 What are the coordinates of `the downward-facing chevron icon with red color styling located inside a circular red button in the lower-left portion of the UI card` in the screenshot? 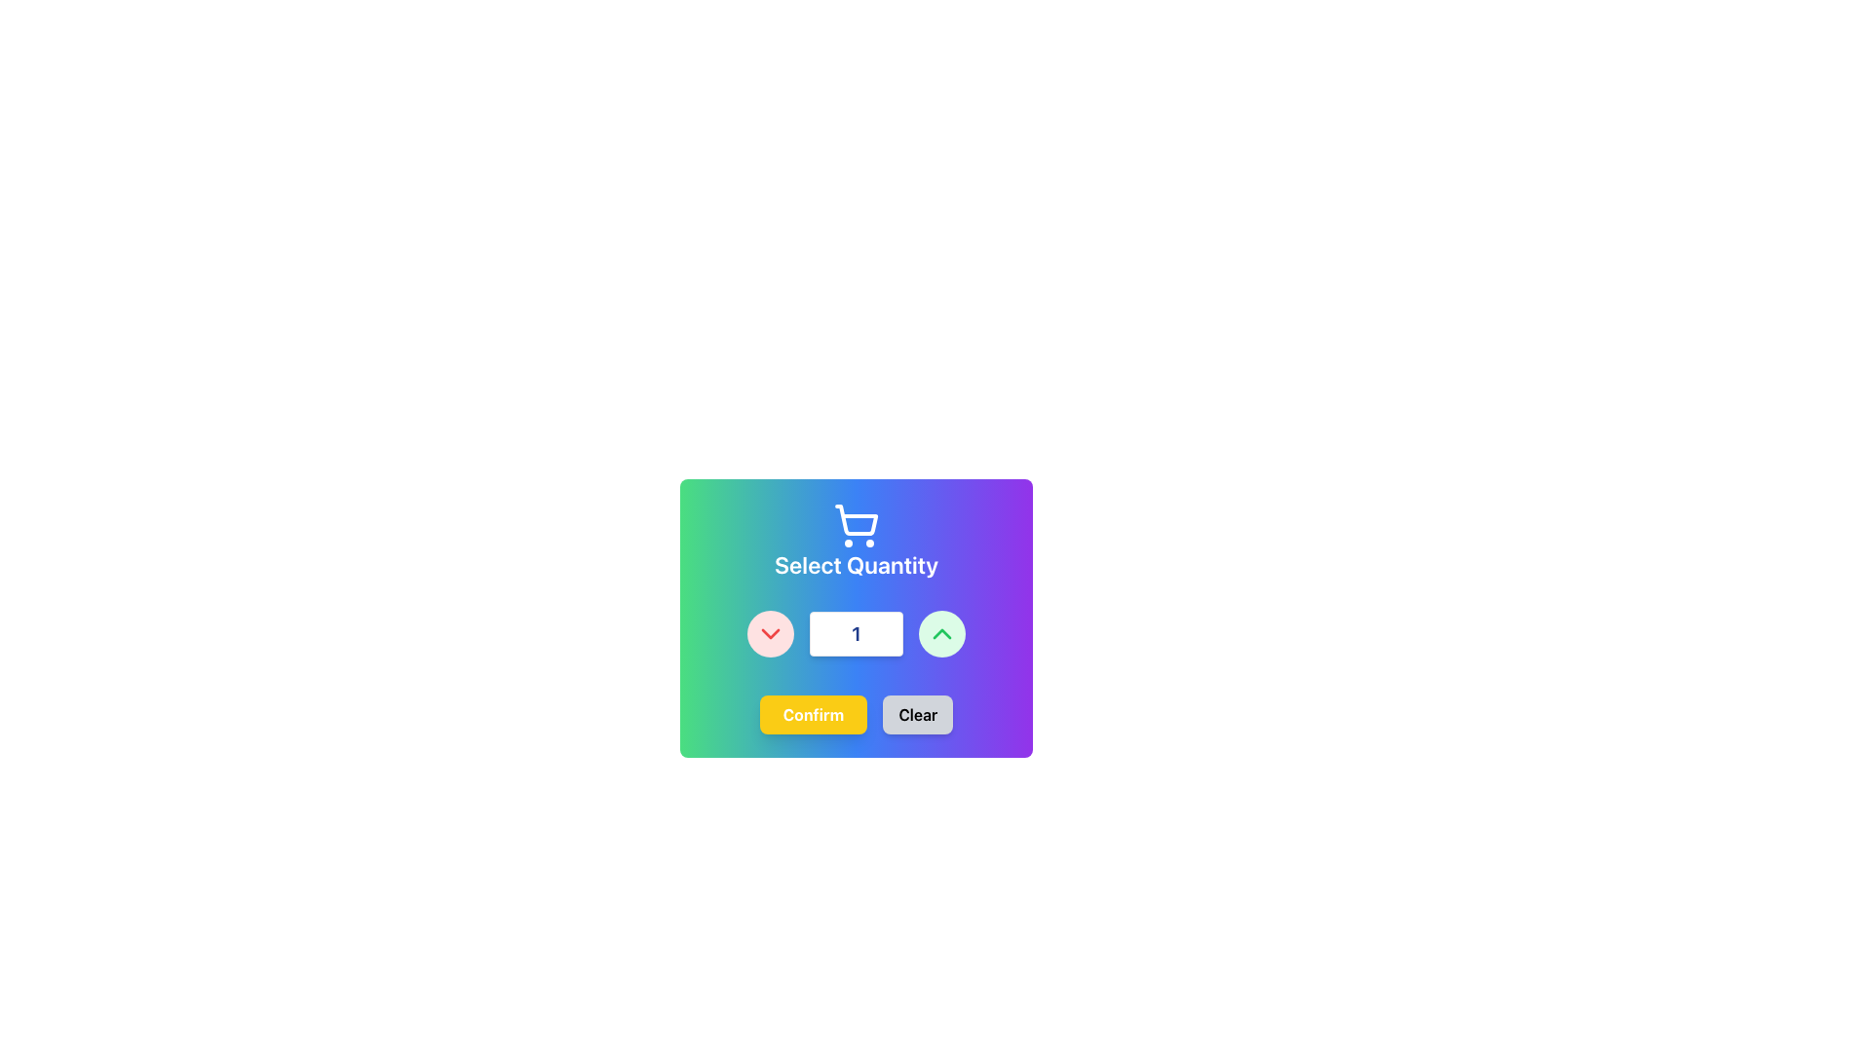 It's located at (770, 634).